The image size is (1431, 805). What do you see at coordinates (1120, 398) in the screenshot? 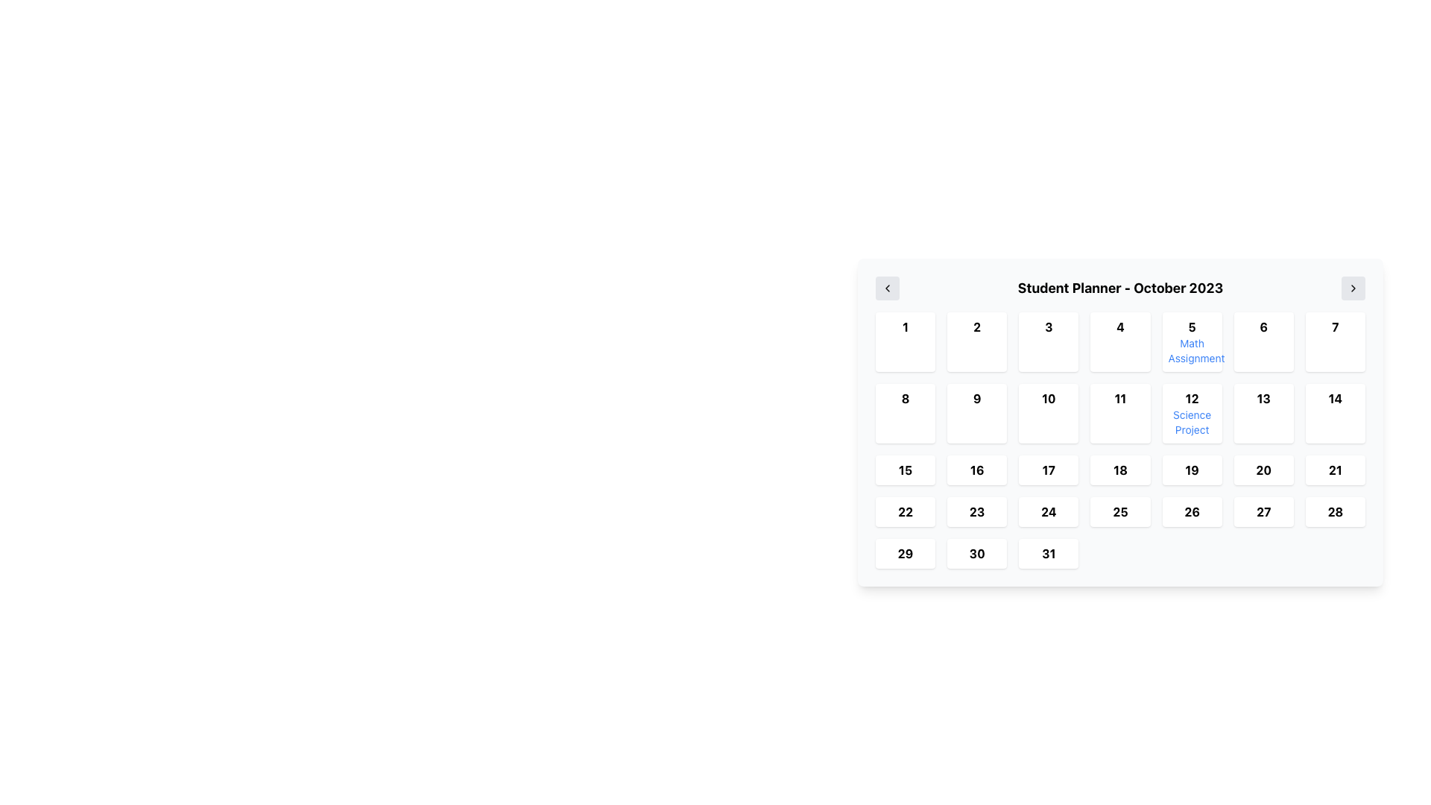
I see `the text label identifying the 11th day of the month in the calendar grid of 'Student Planner - October 2023'` at bounding box center [1120, 398].